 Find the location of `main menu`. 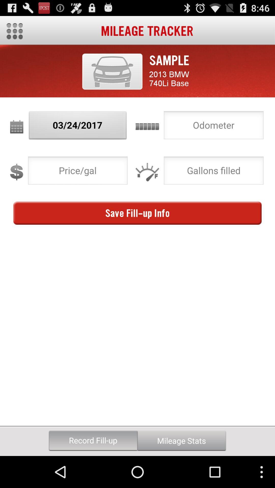

main menu is located at coordinates (14, 31).